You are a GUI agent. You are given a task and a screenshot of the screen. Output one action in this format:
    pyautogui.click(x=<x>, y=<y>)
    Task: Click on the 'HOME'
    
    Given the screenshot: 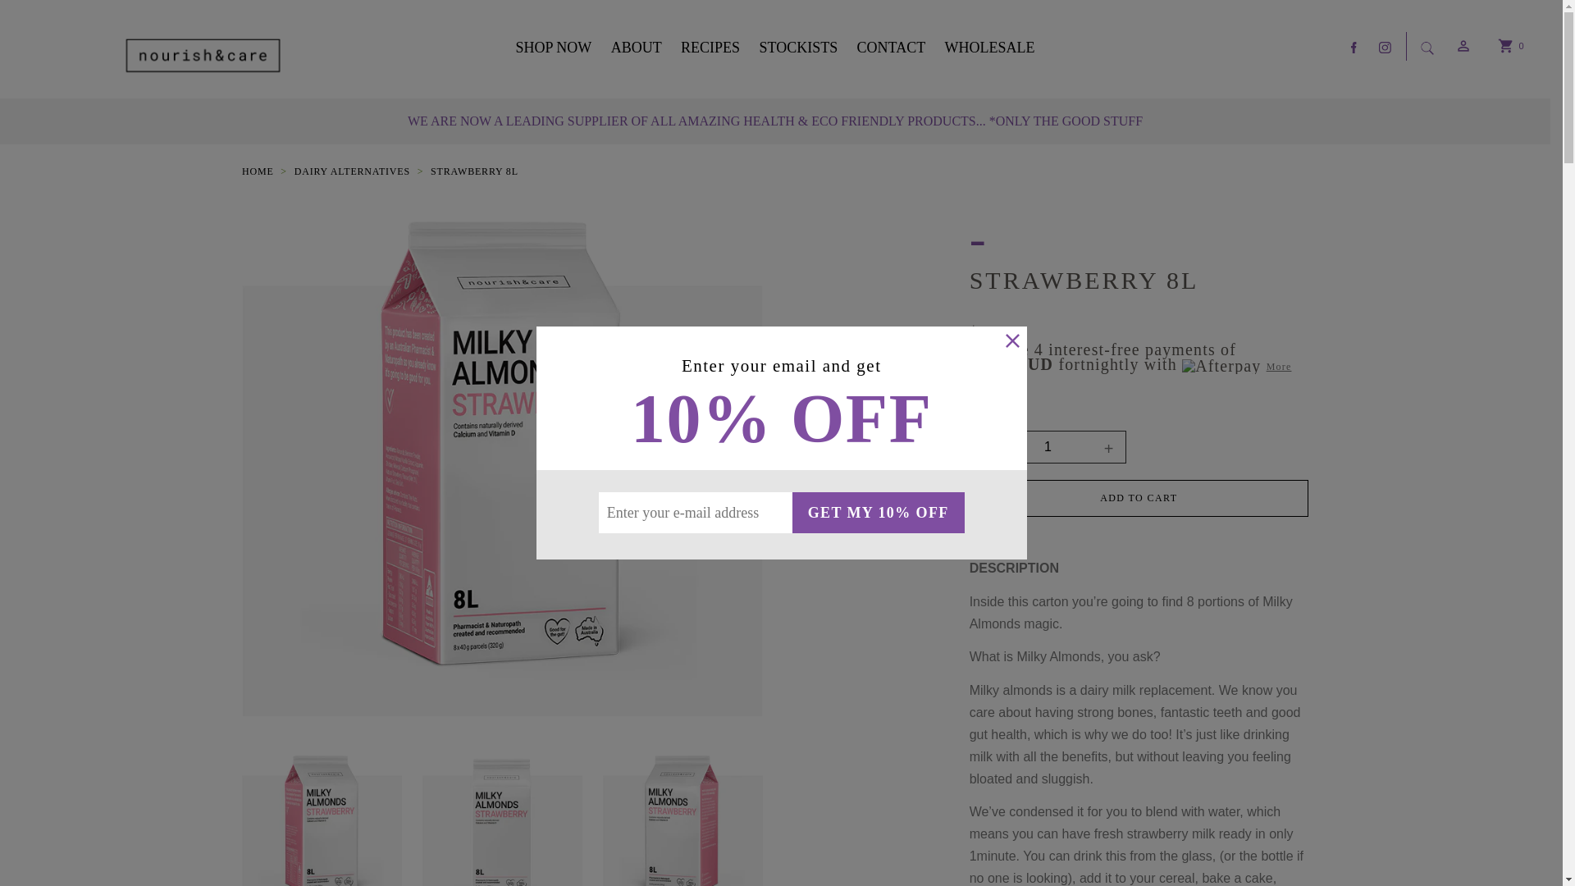 What is the action you would take?
    pyautogui.click(x=257, y=171)
    